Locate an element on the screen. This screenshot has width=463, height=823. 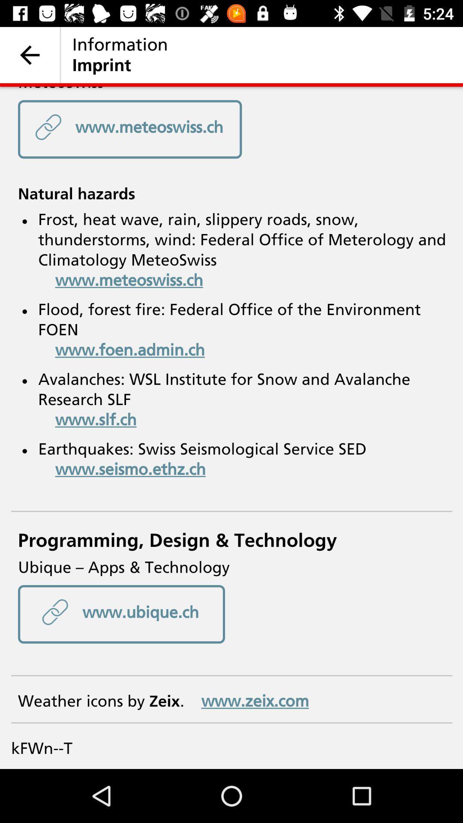
go to webpage is located at coordinates (231, 428).